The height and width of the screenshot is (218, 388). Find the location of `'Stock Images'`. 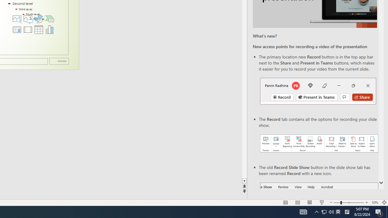

'Stock Images' is located at coordinates (17, 18).